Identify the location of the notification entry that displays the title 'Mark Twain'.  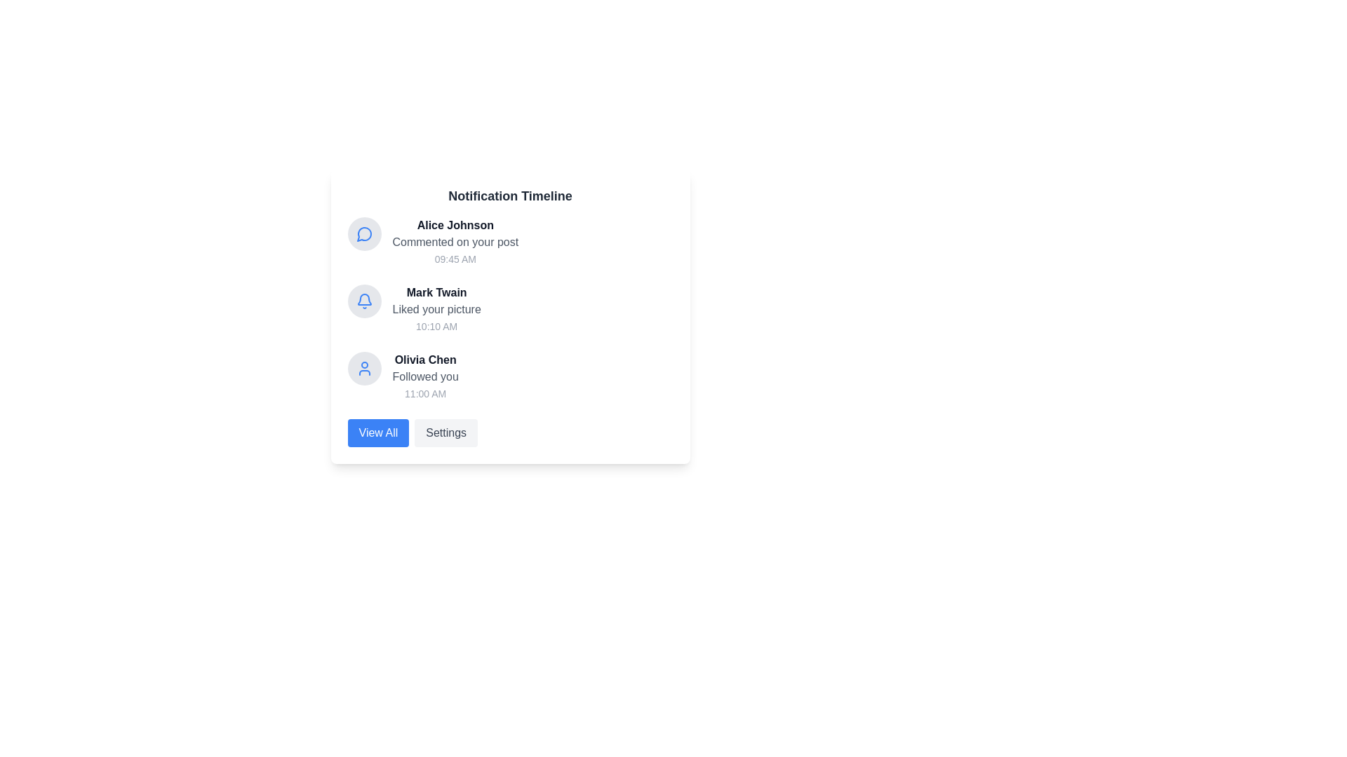
(436, 309).